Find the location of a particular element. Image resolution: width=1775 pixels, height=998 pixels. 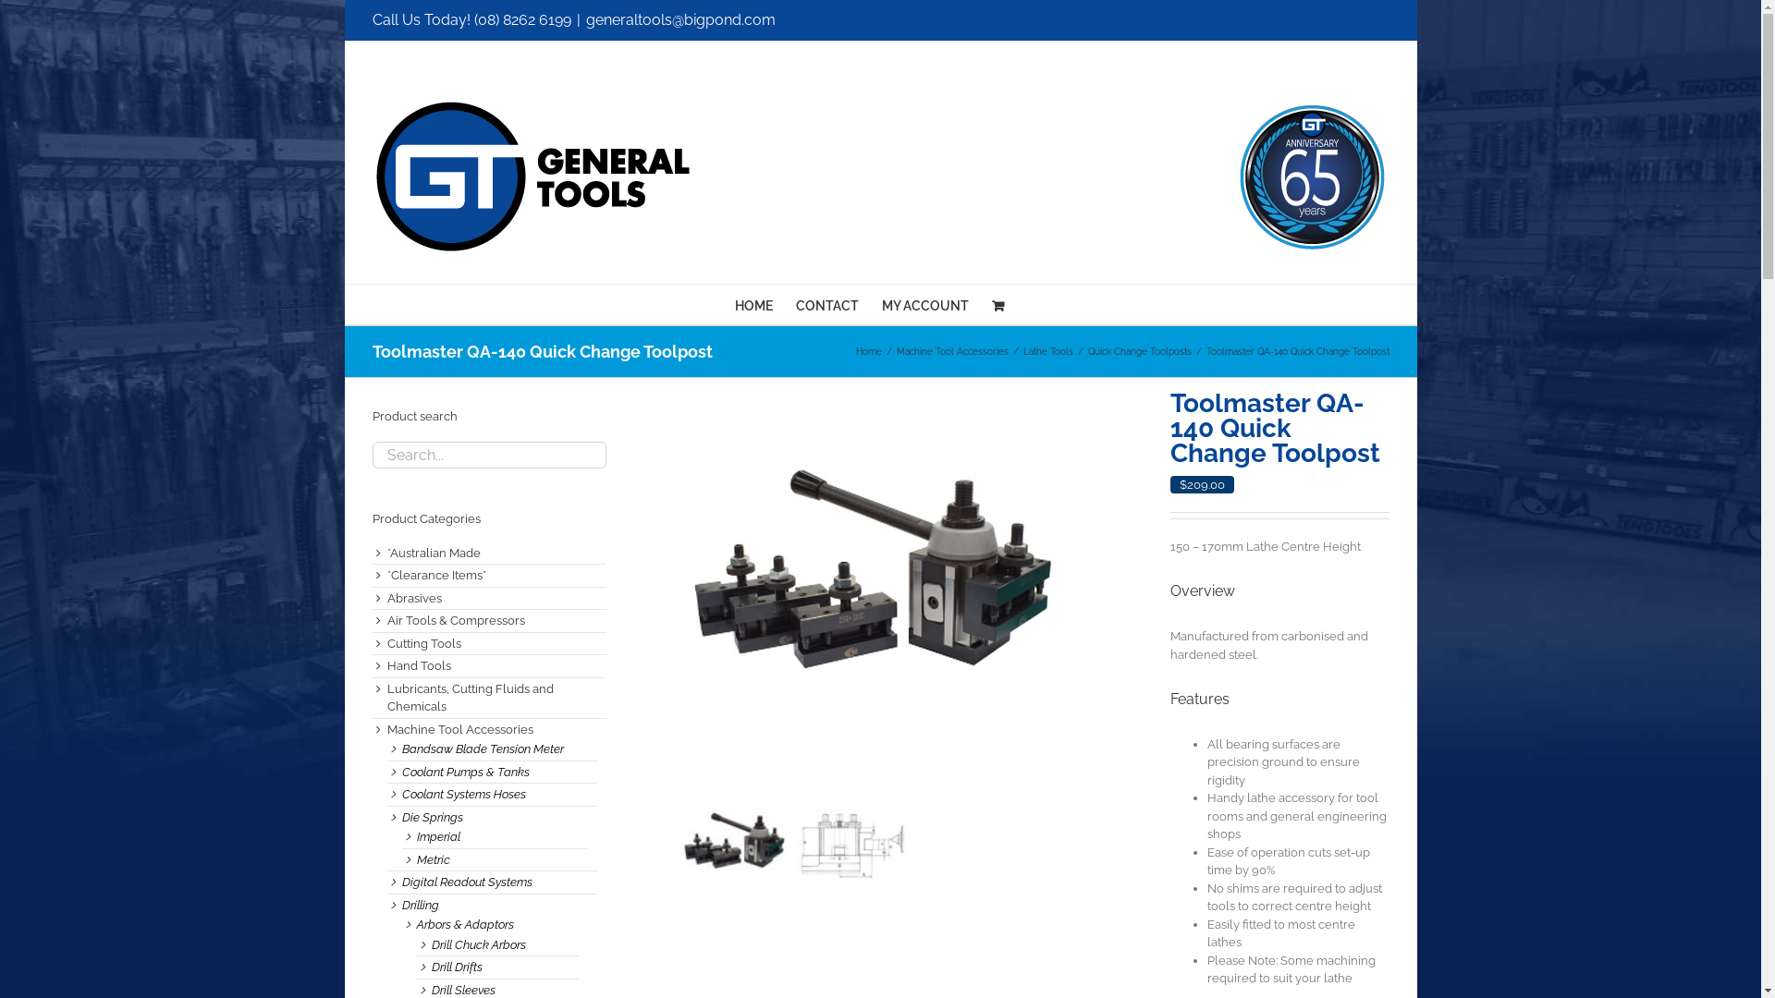

'Lathe Tools' is located at coordinates (1047, 351).